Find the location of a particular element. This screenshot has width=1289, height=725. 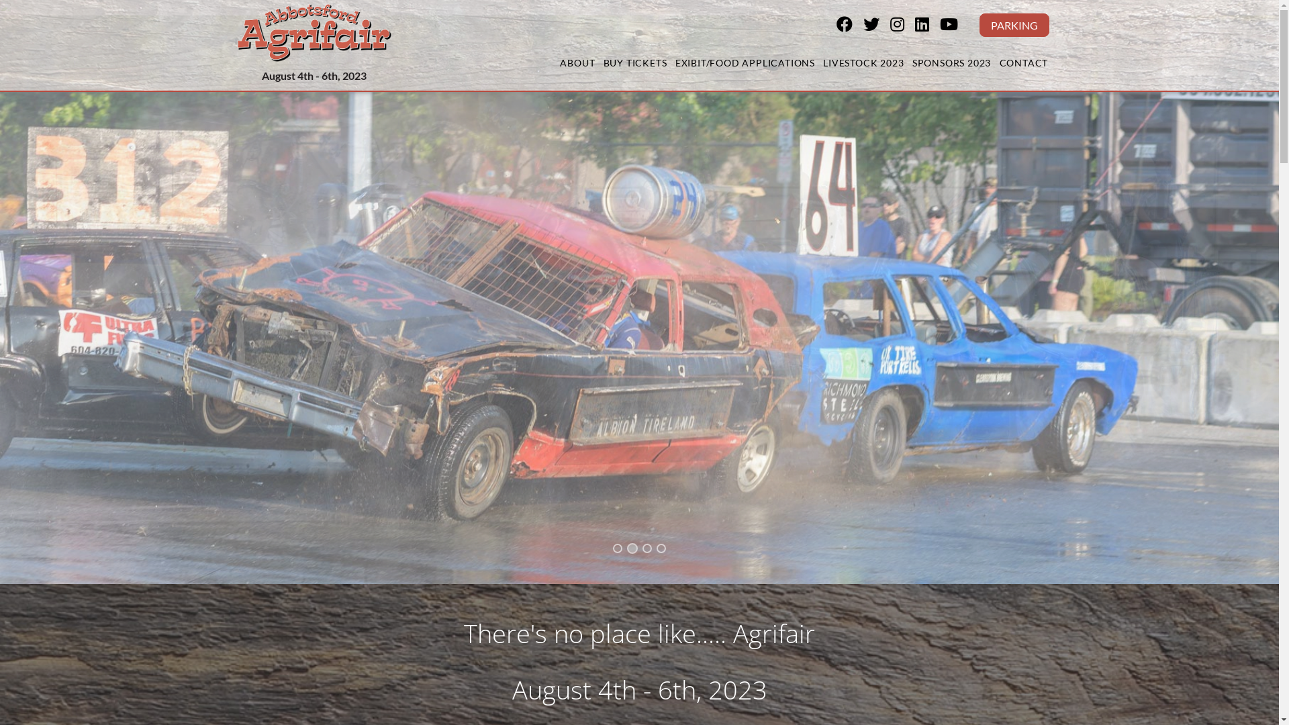

'Abbotsford Agrifair @ Facebook' is located at coordinates (849, 26).